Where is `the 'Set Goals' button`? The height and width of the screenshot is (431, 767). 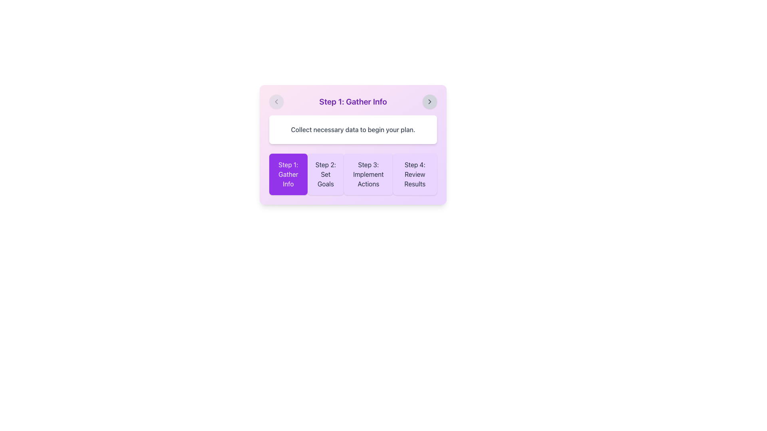 the 'Set Goals' button is located at coordinates (326, 174).